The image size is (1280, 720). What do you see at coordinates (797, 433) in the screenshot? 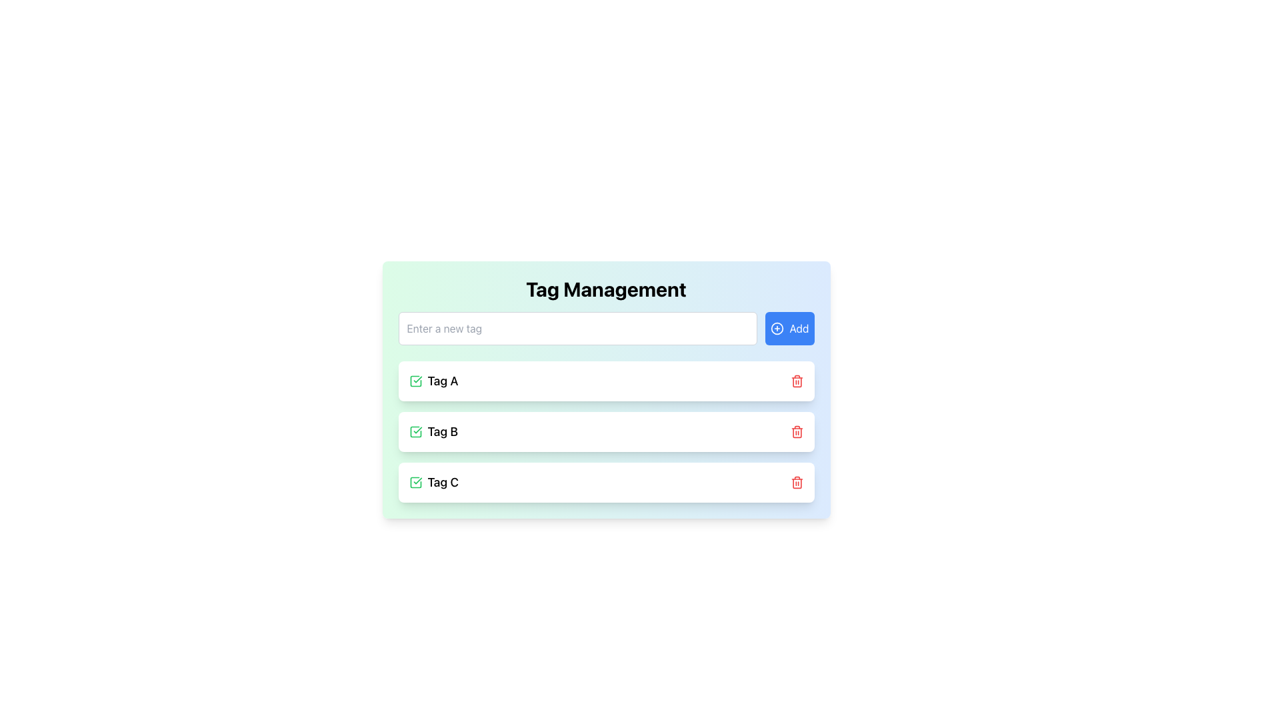
I see `the middle component of the trashcan icon located on the right-hand side of each tag row, which visually represents a deletion interaction` at bounding box center [797, 433].